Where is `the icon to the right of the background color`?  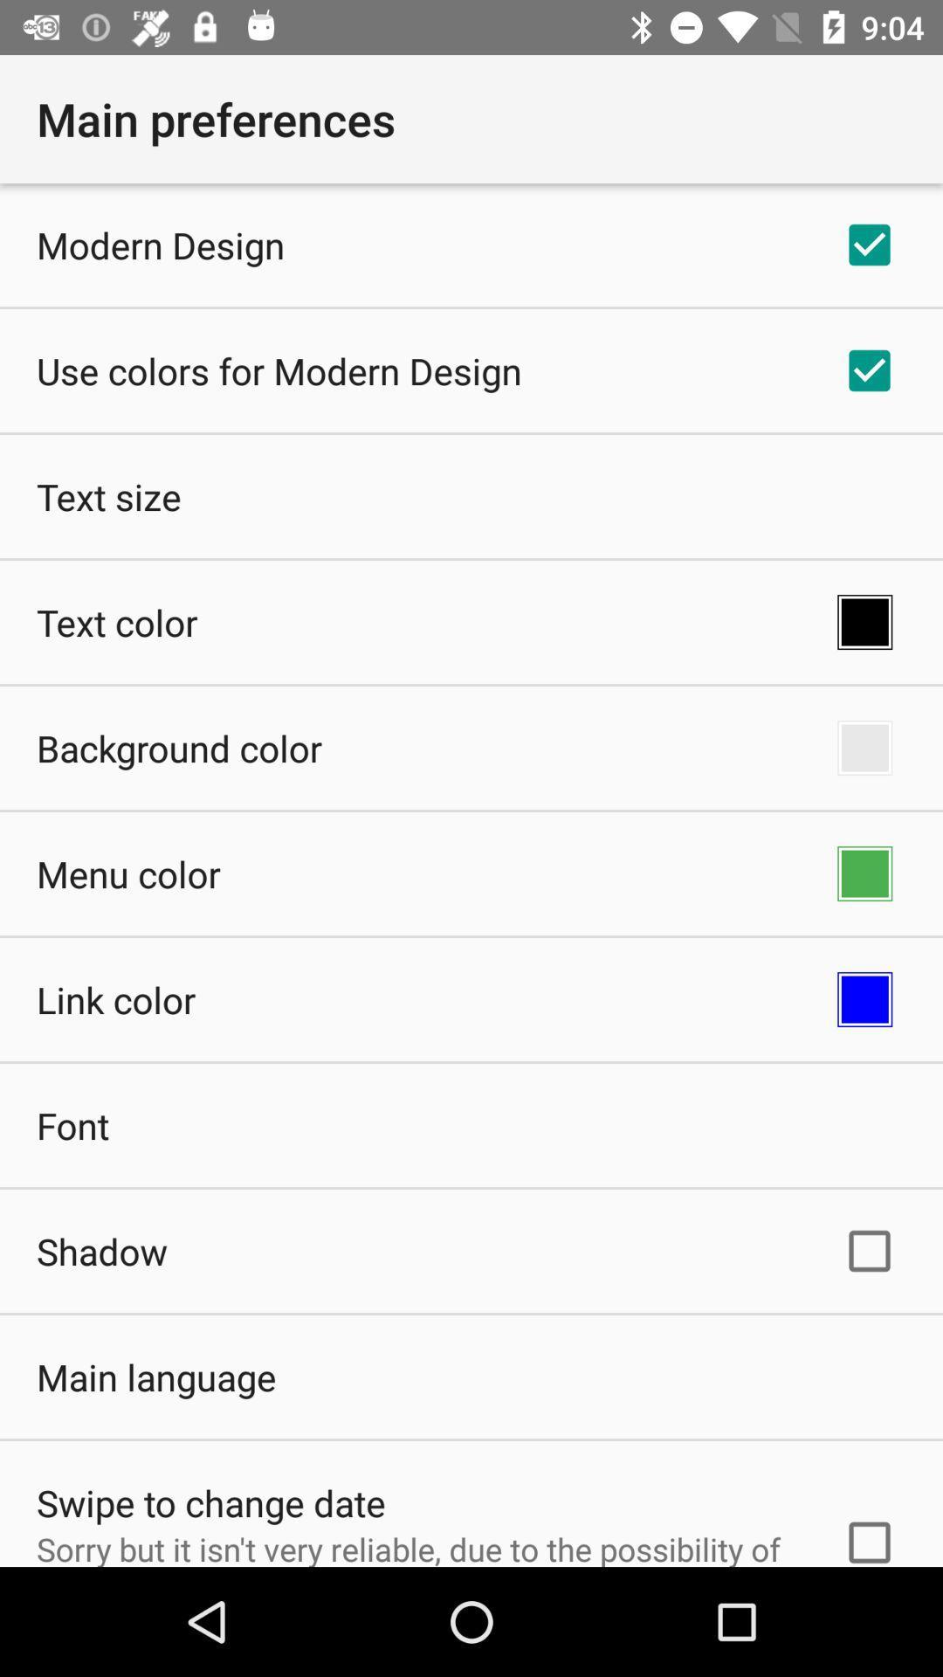
the icon to the right of the background color is located at coordinates (864, 748).